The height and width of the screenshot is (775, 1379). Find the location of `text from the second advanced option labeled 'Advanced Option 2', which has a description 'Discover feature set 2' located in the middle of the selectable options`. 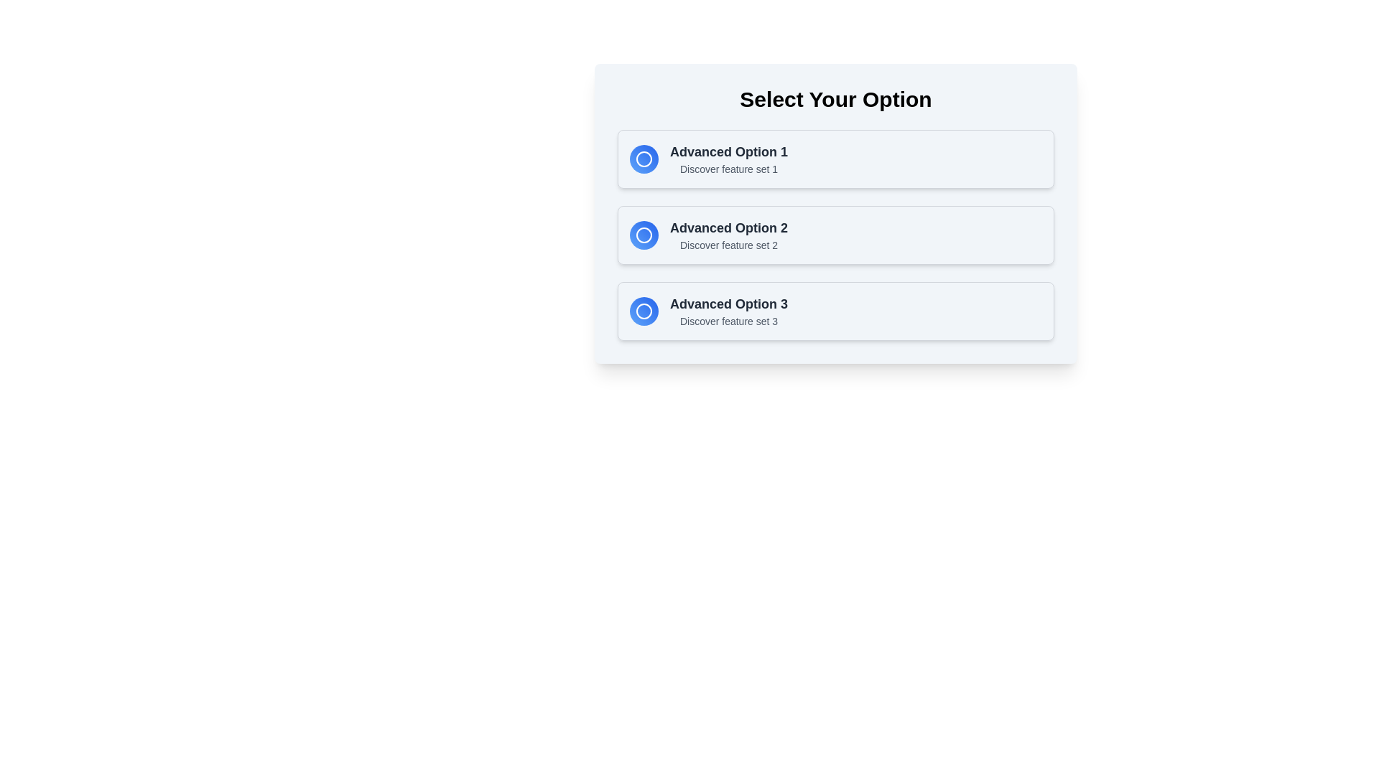

text from the second advanced option labeled 'Advanced Option 2', which has a description 'Discover feature set 2' located in the middle of the selectable options is located at coordinates (729, 234).